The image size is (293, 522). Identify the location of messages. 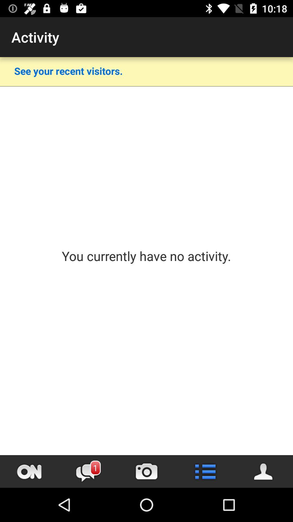
(88, 471).